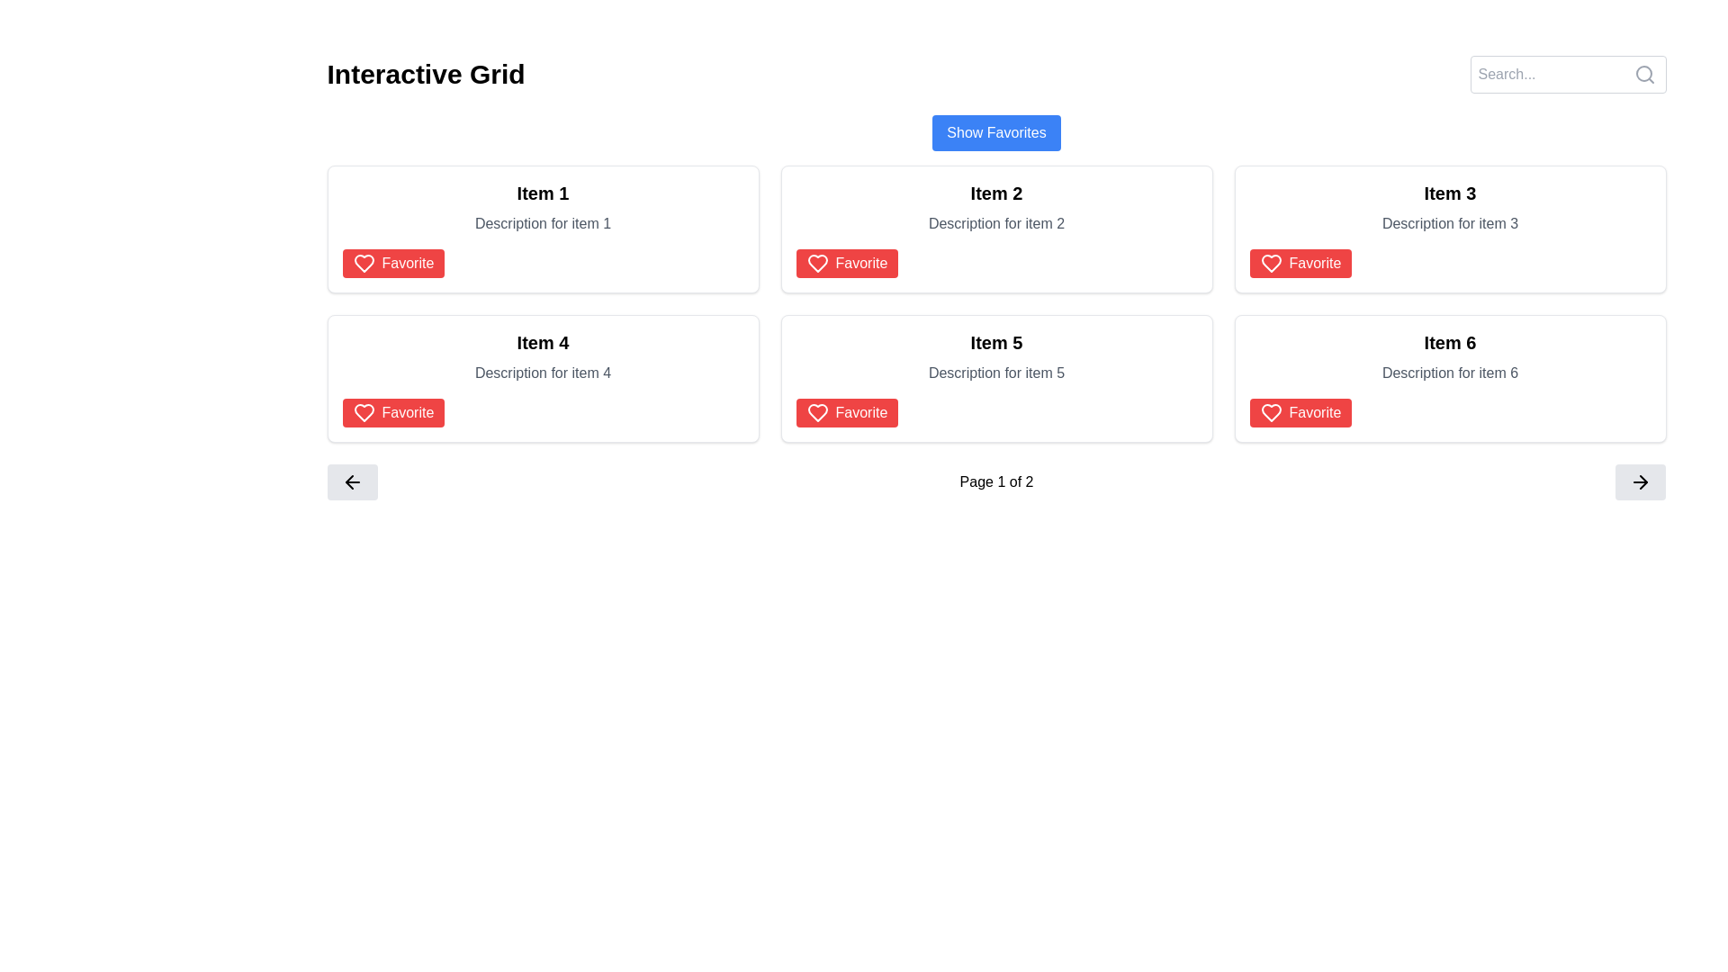 This screenshot has height=972, width=1728. Describe the element at coordinates (995, 193) in the screenshot. I see `the text label displaying 'Item 2', which is centrally aligned and styled with a bold font, located above the description and favorite button for 'Item 2'` at that location.